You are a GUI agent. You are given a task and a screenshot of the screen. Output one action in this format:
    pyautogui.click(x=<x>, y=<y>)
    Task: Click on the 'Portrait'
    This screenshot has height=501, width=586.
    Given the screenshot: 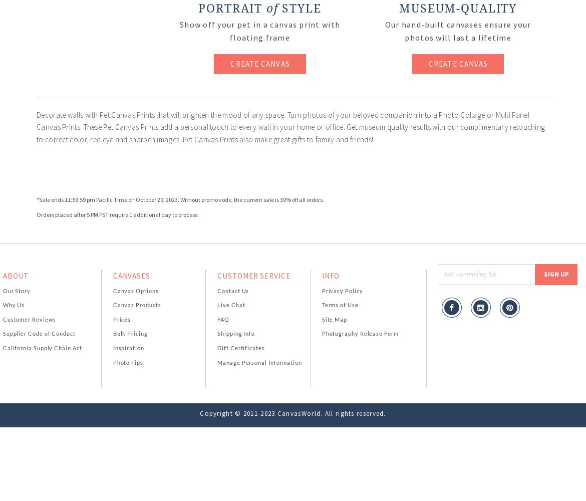 What is the action you would take?
    pyautogui.click(x=232, y=9)
    